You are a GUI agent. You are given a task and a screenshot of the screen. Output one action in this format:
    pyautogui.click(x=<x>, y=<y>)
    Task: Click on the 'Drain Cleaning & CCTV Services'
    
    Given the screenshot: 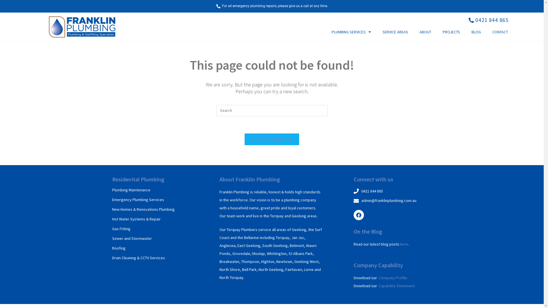 What is the action you would take?
    pyautogui.click(x=138, y=258)
    